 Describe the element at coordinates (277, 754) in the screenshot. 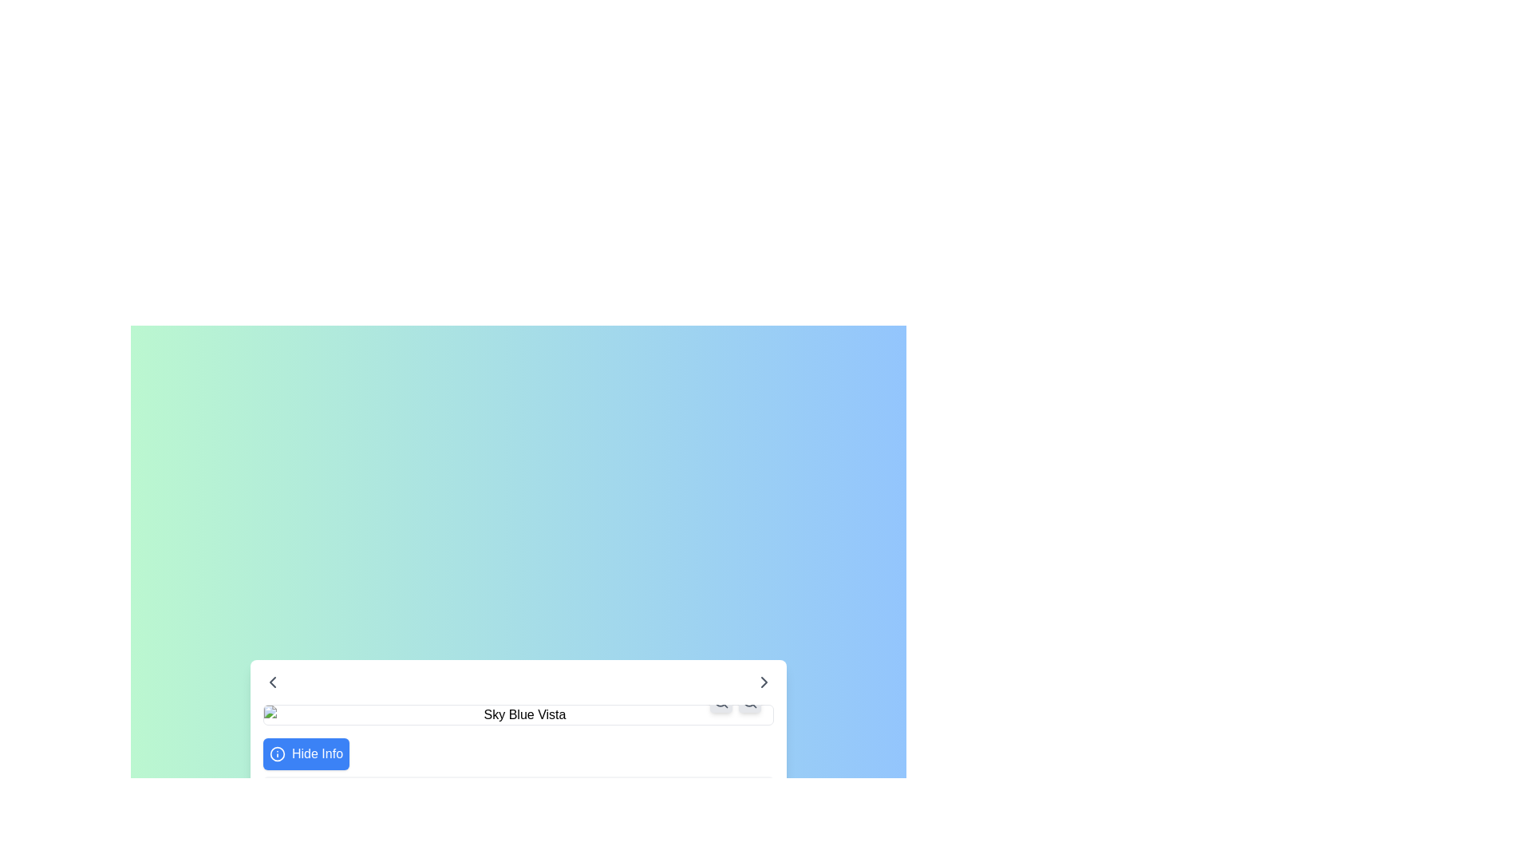

I see `the circular graphical element that forms the base of the information icon, located at the bottom left corner of the content section, adjacent to the 'Hide Info' button` at that location.